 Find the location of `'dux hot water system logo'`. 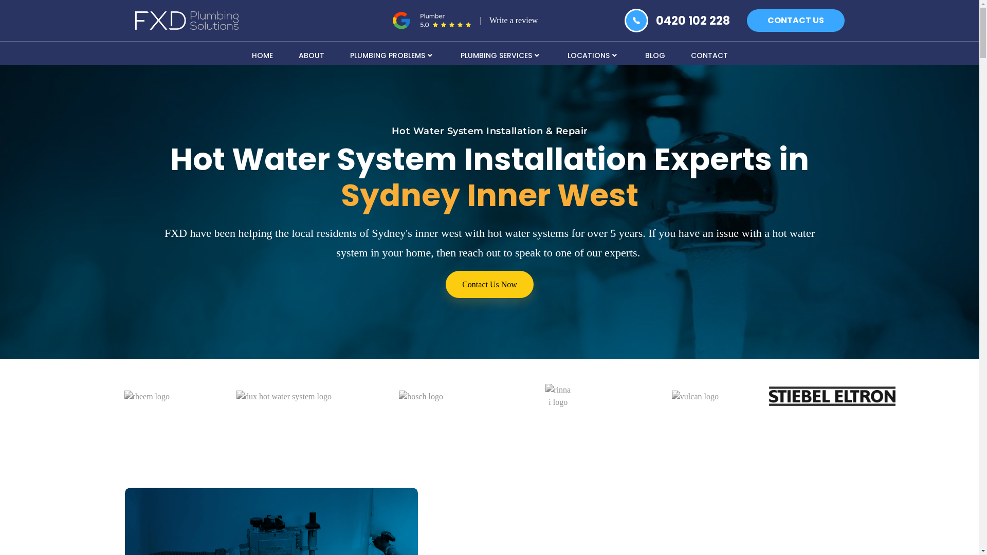

'dux hot water system logo' is located at coordinates (236, 396).